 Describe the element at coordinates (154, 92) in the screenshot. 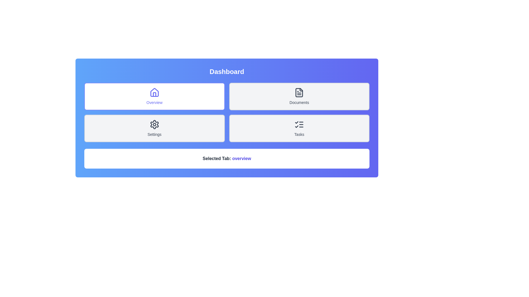

I see `the 'Home' icon located above the 'Overview' text in the upper-left panel of the dashboard` at that location.